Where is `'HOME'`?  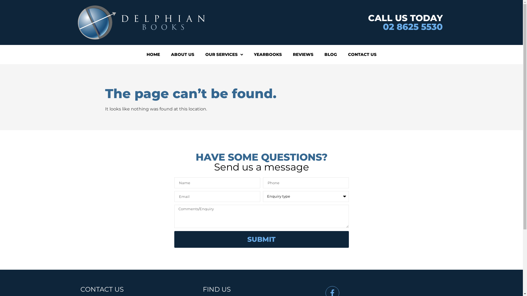
'HOME' is located at coordinates (153, 55).